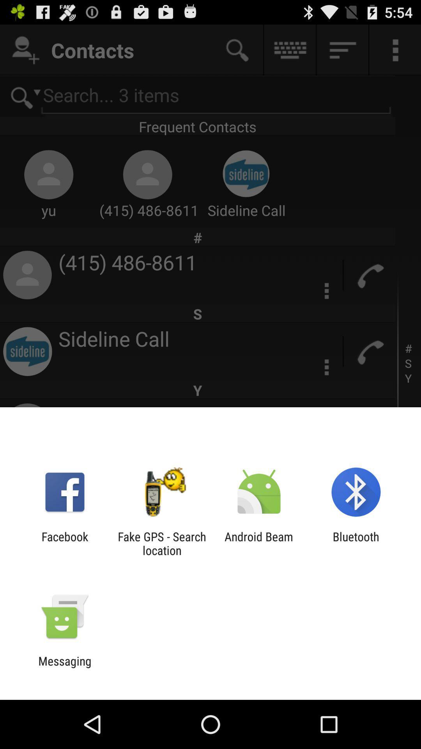  What do you see at coordinates (259, 543) in the screenshot?
I see `the icon next to the bluetooth icon` at bounding box center [259, 543].